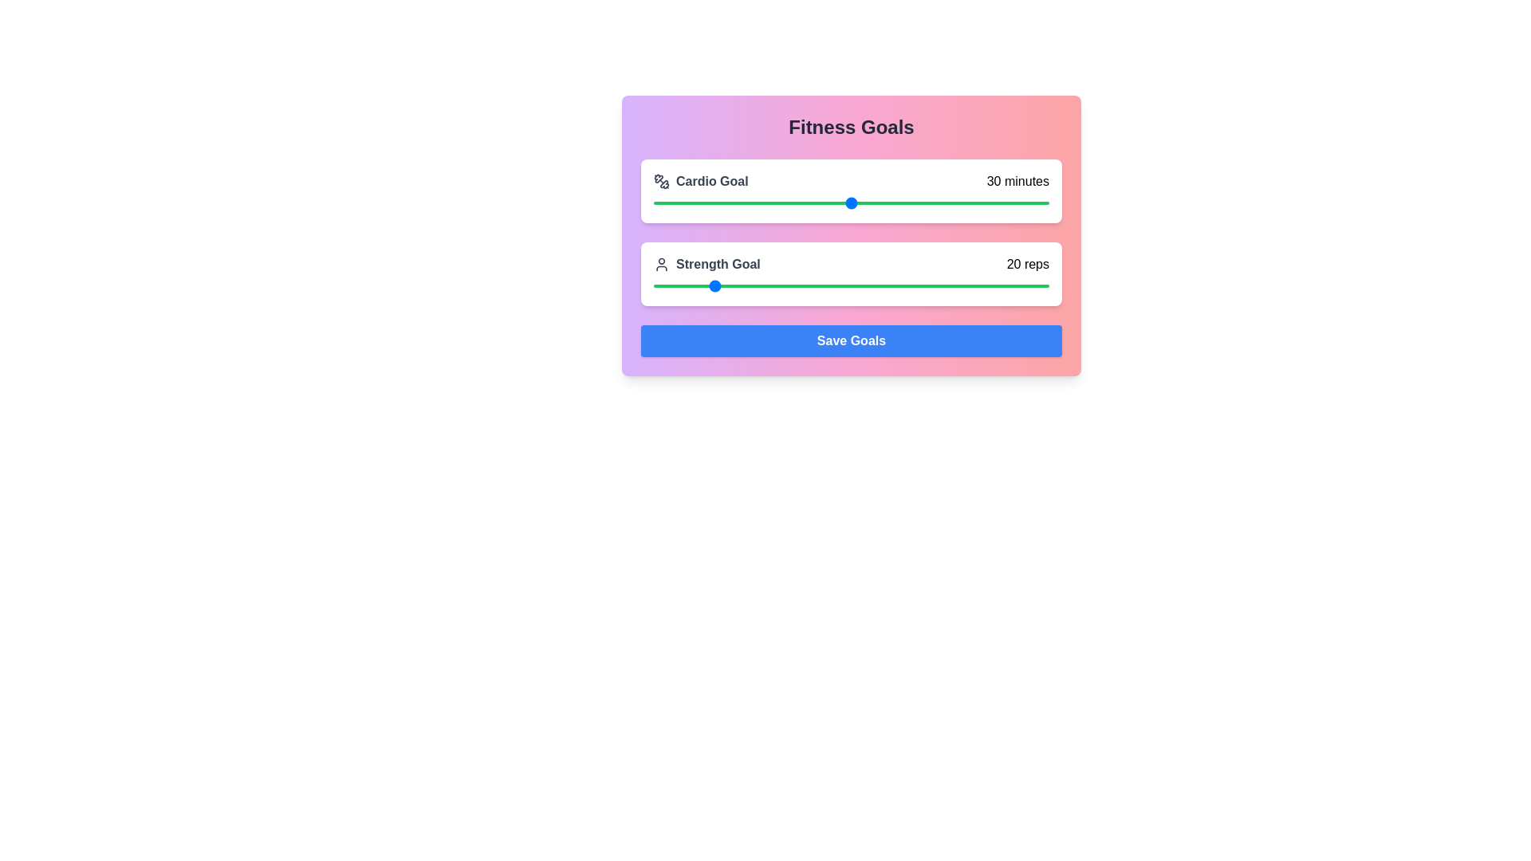 This screenshot has height=861, width=1531. I want to click on the strength goal, so click(844, 285).